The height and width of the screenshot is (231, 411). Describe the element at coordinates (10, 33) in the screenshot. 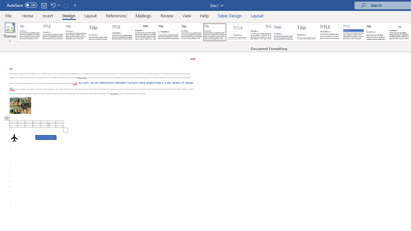

I see `'Themes'` at that location.